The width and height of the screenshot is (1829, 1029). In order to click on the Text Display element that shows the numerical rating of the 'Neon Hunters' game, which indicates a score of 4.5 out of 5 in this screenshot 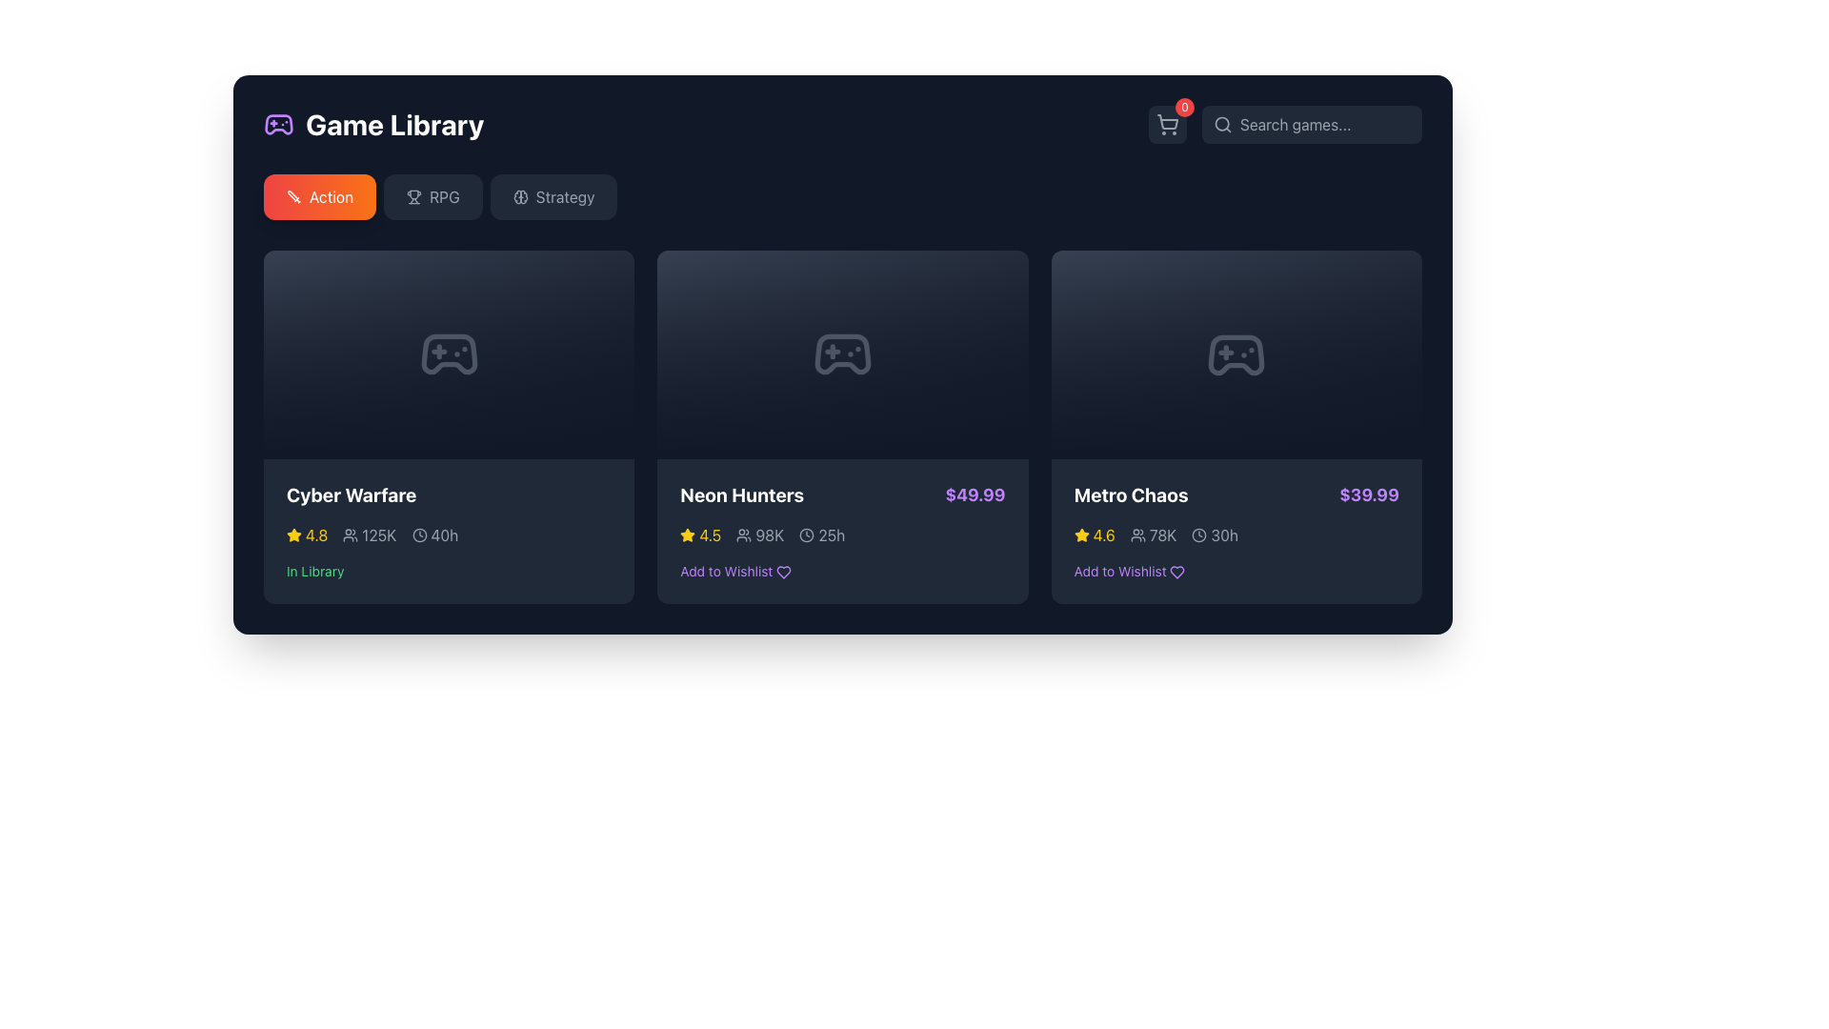, I will do `click(709, 535)`.